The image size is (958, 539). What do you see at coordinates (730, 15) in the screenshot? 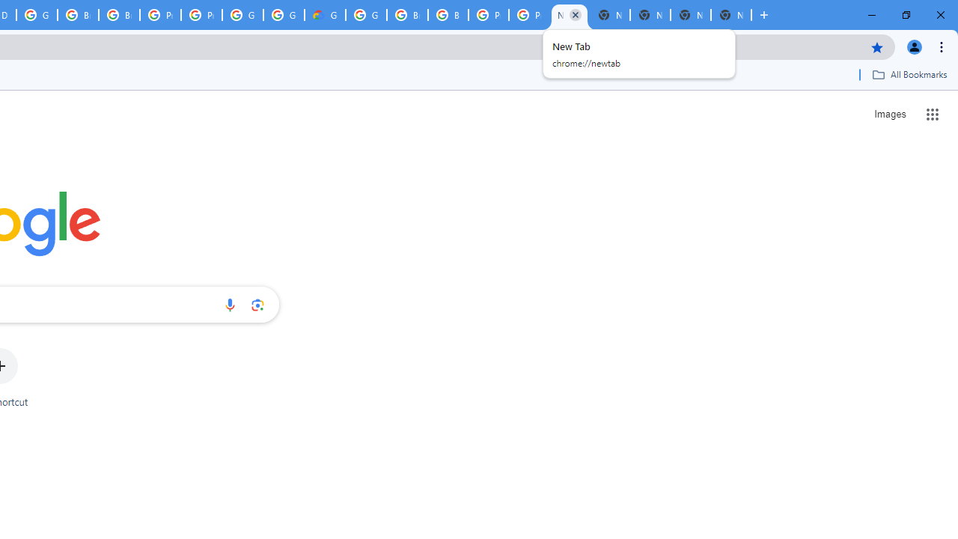
I see `'New Tab'` at bounding box center [730, 15].